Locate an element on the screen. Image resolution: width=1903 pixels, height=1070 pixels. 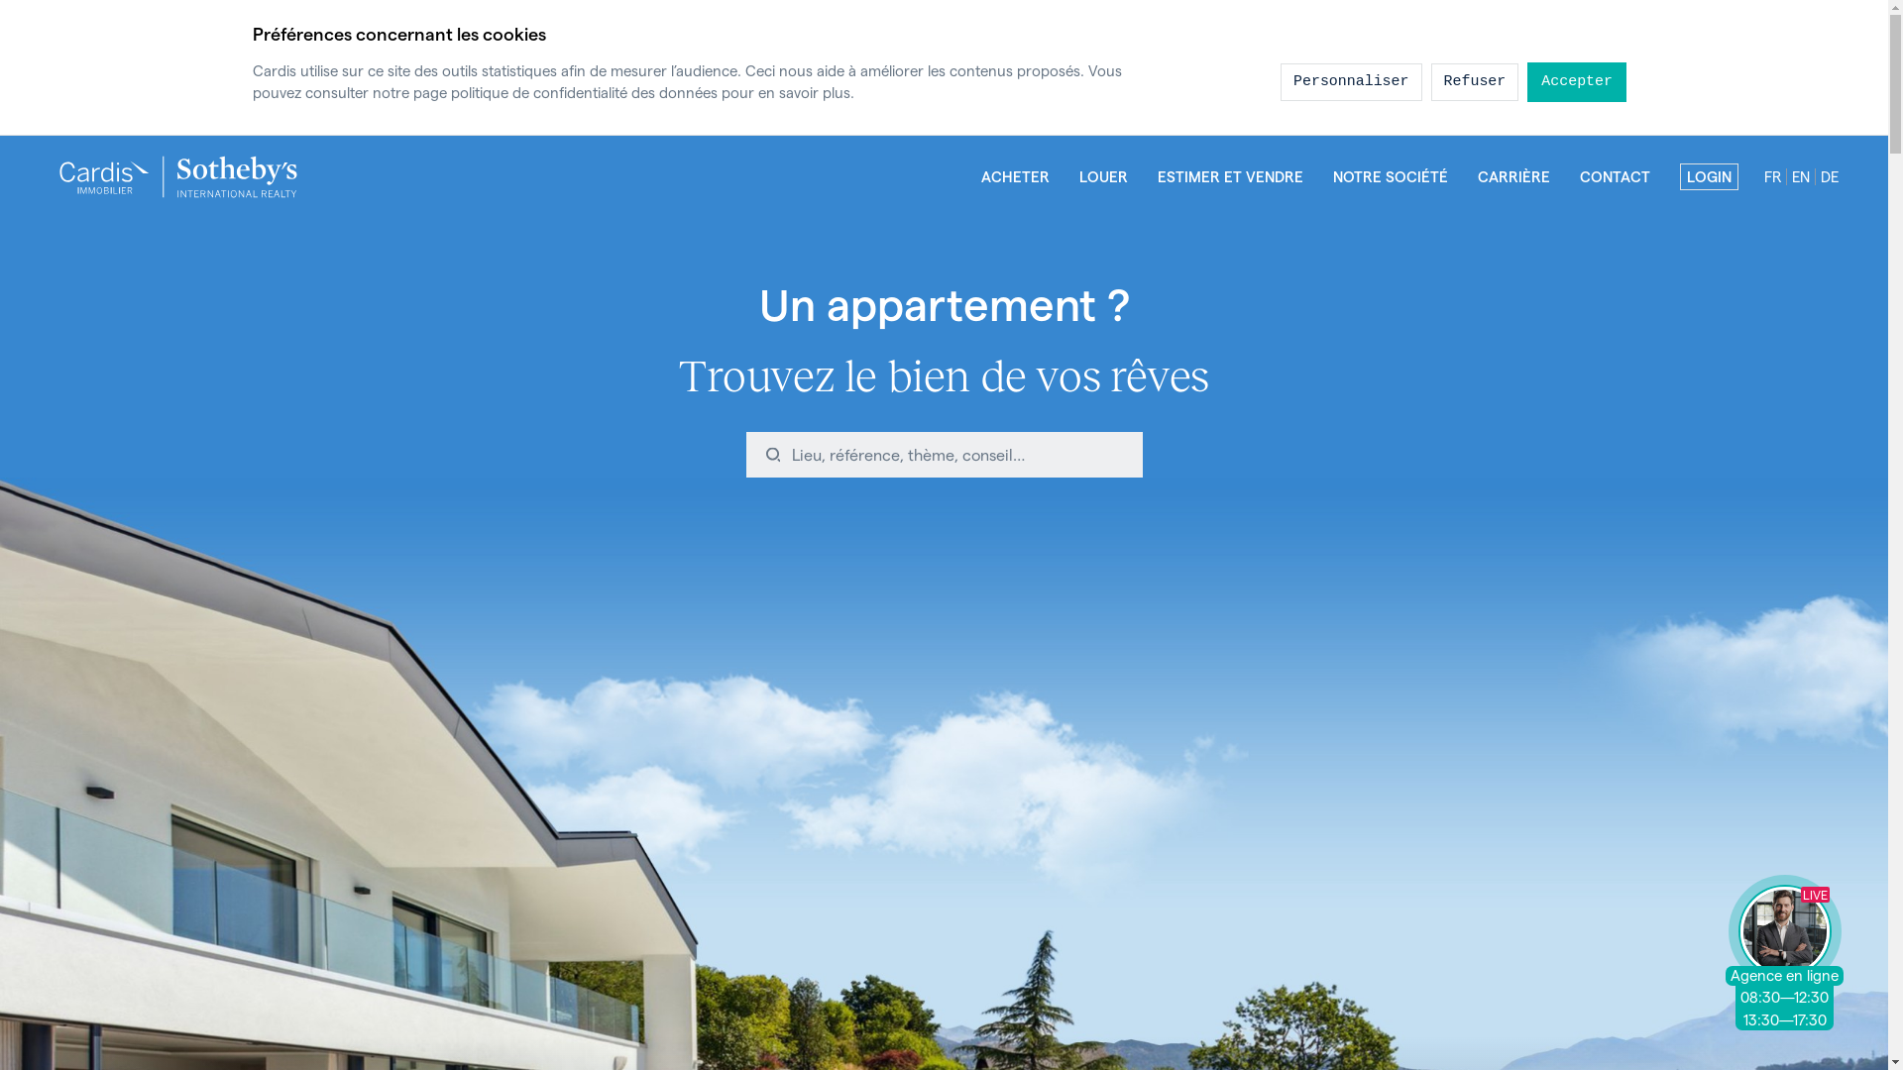
'Refuser' is located at coordinates (1475, 81).